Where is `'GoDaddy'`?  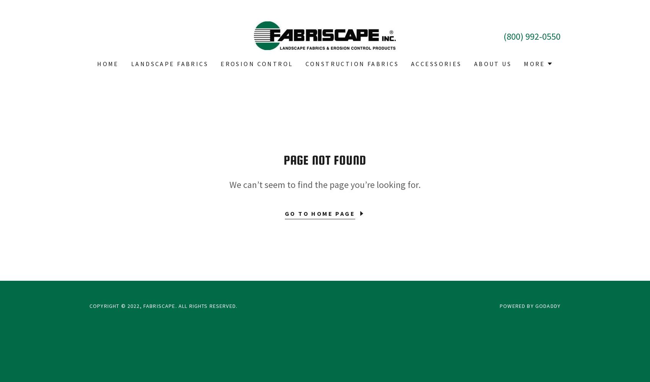 'GoDaddy' is located at coordinates (547, 306).